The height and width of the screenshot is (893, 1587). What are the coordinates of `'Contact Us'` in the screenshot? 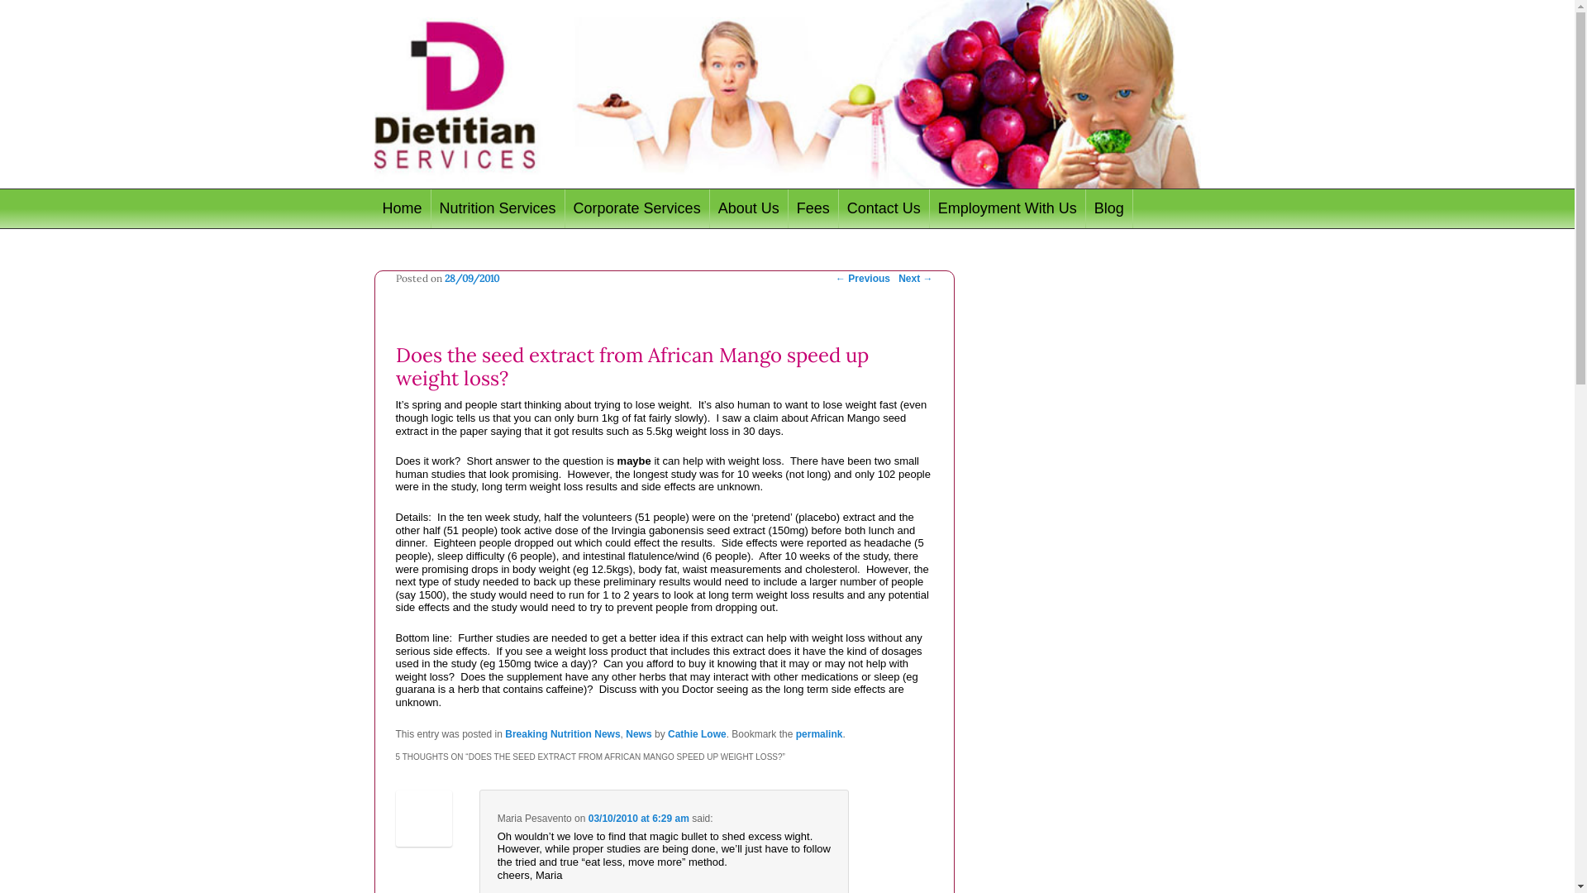 It's located at (884, 208).